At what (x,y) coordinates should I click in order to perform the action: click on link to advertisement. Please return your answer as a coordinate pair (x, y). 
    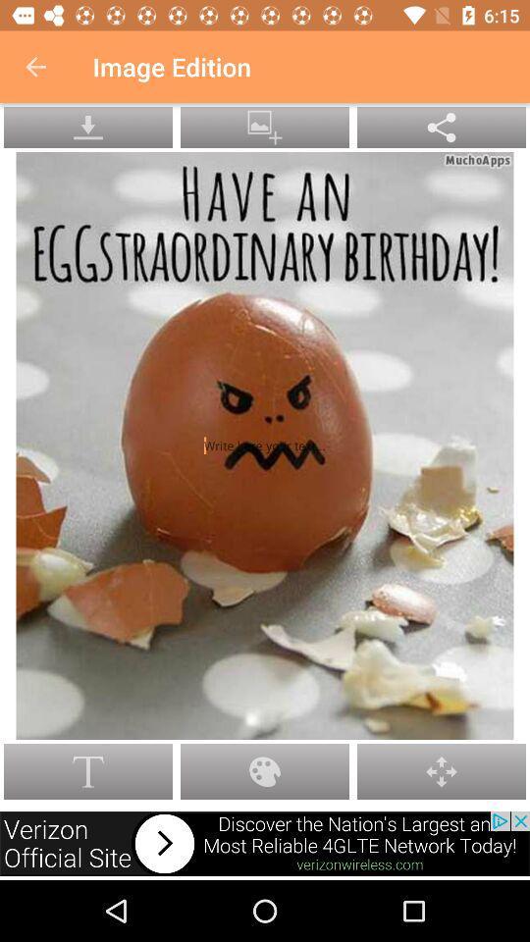
    Looking at the image, I should click on (265, 843).